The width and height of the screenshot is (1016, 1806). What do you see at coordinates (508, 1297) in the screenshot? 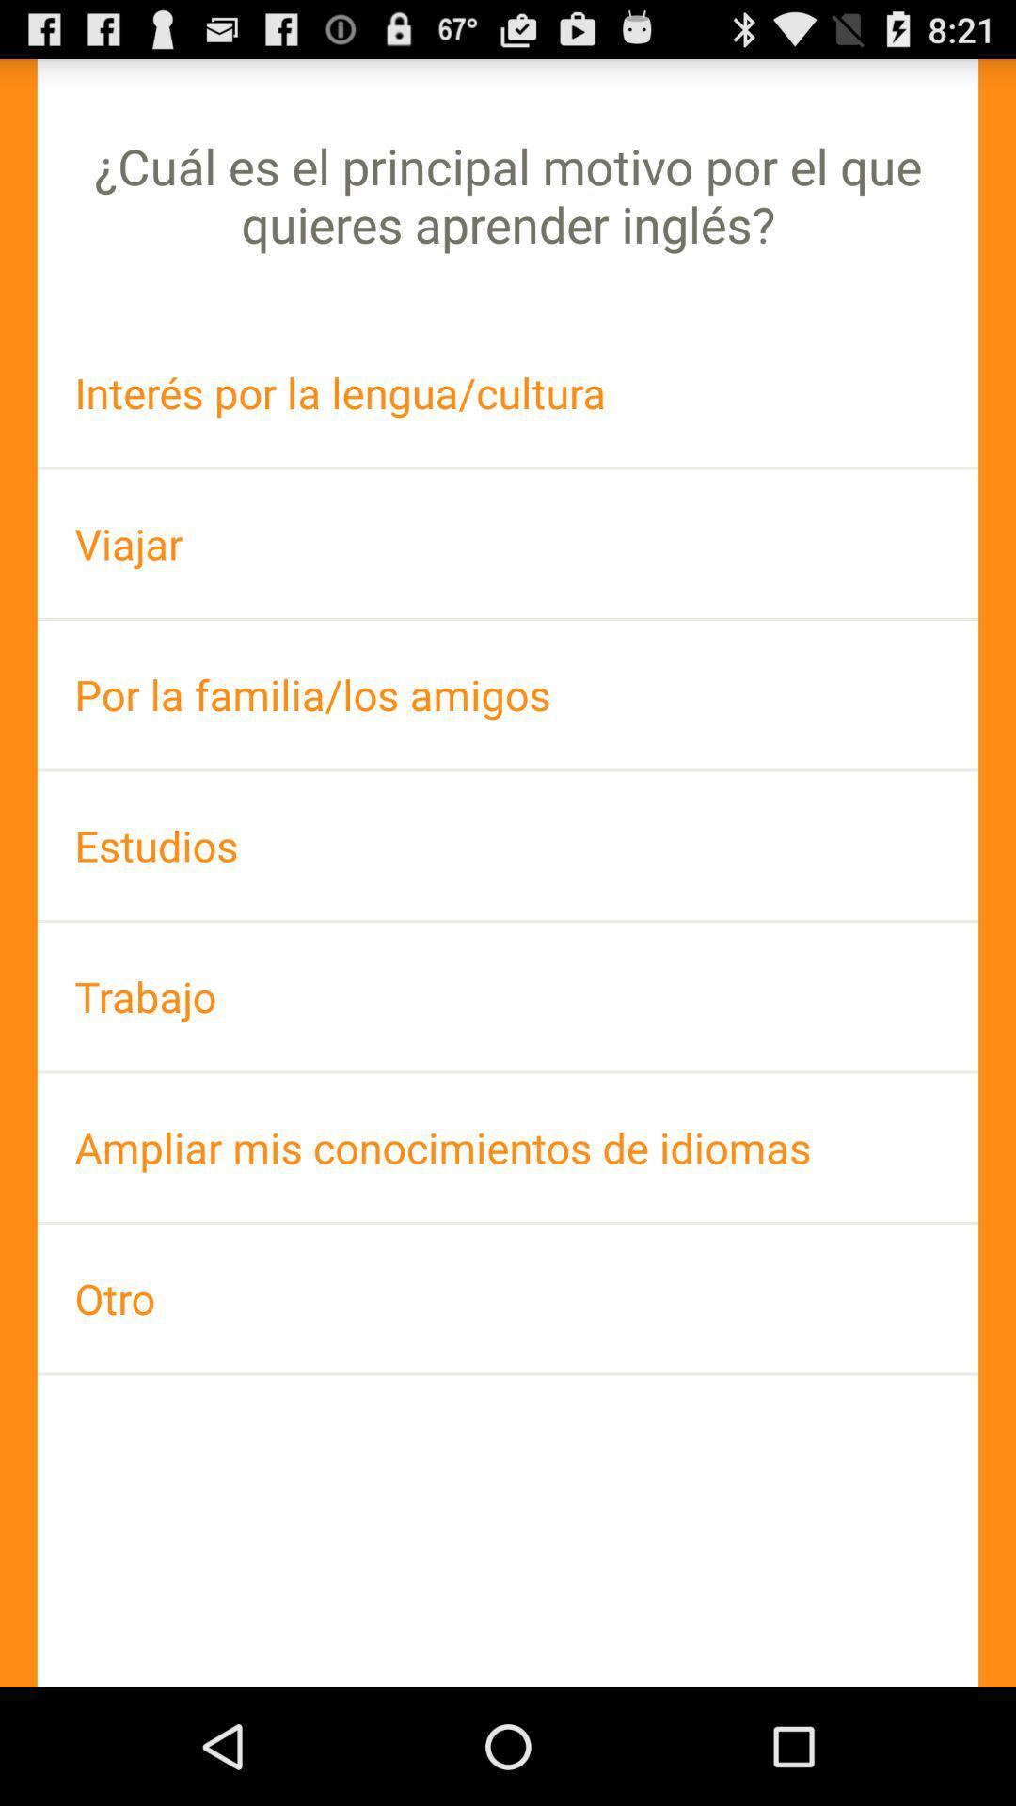
I see `otro` at bounding box center [508, 1297].